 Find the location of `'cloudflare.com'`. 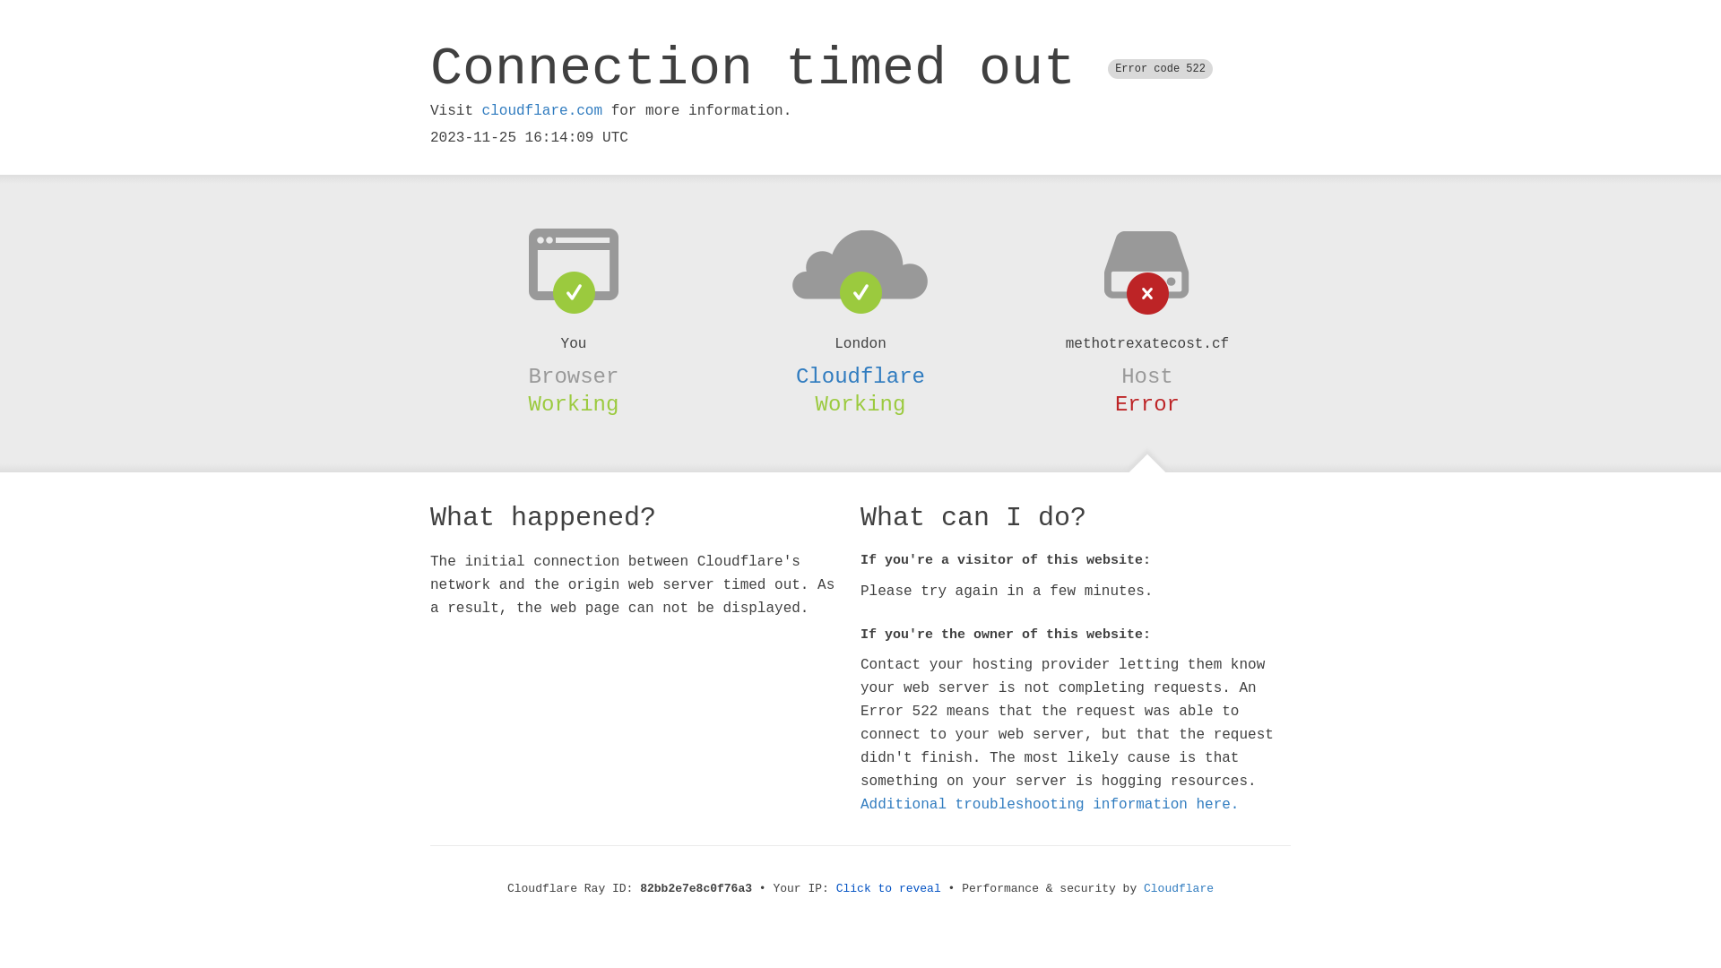

'cloudflare.com' is located at coordinates (541, 110).